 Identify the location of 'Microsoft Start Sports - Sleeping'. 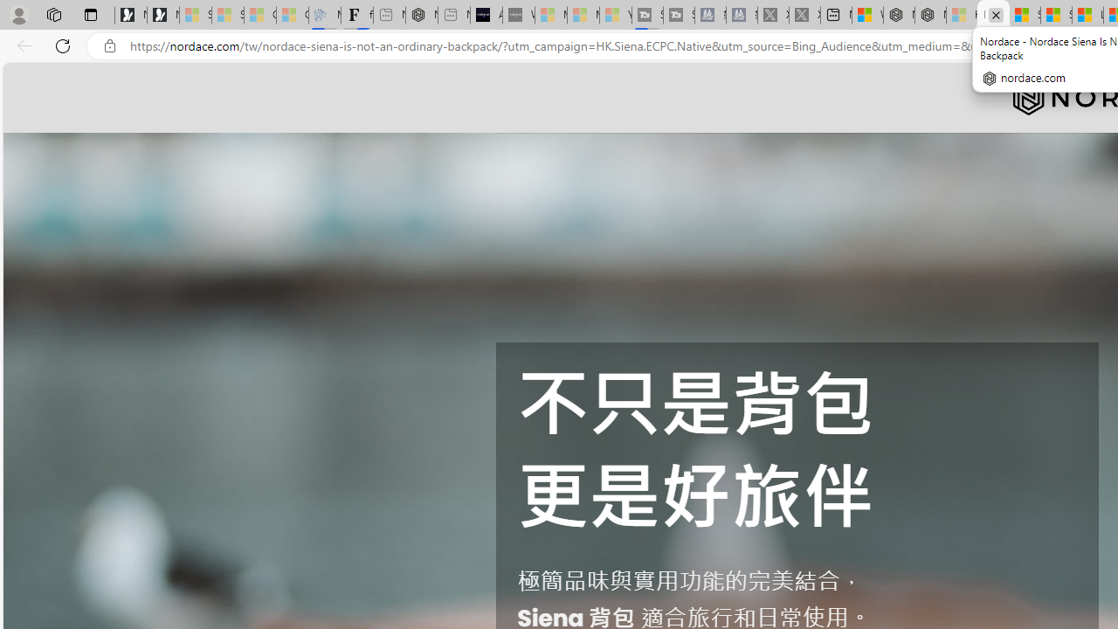
(550, 15).